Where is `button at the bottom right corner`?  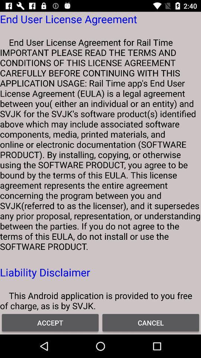
button at the bottom right corner is located at coordinates (151, 322).